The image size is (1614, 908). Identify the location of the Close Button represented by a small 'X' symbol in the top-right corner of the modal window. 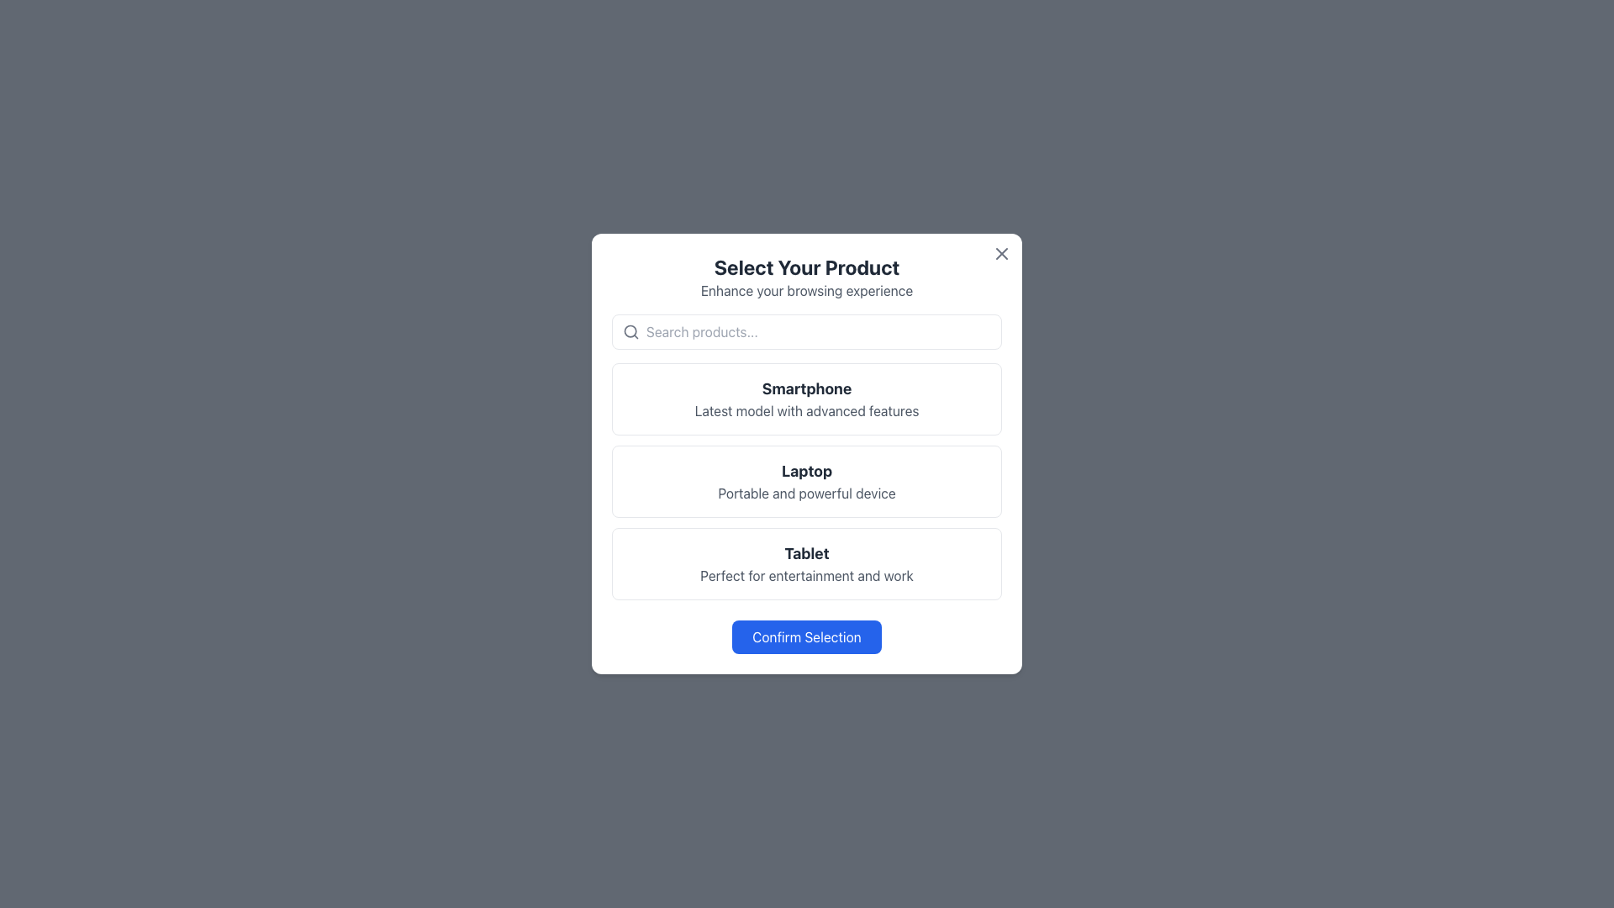
(1001, 253).